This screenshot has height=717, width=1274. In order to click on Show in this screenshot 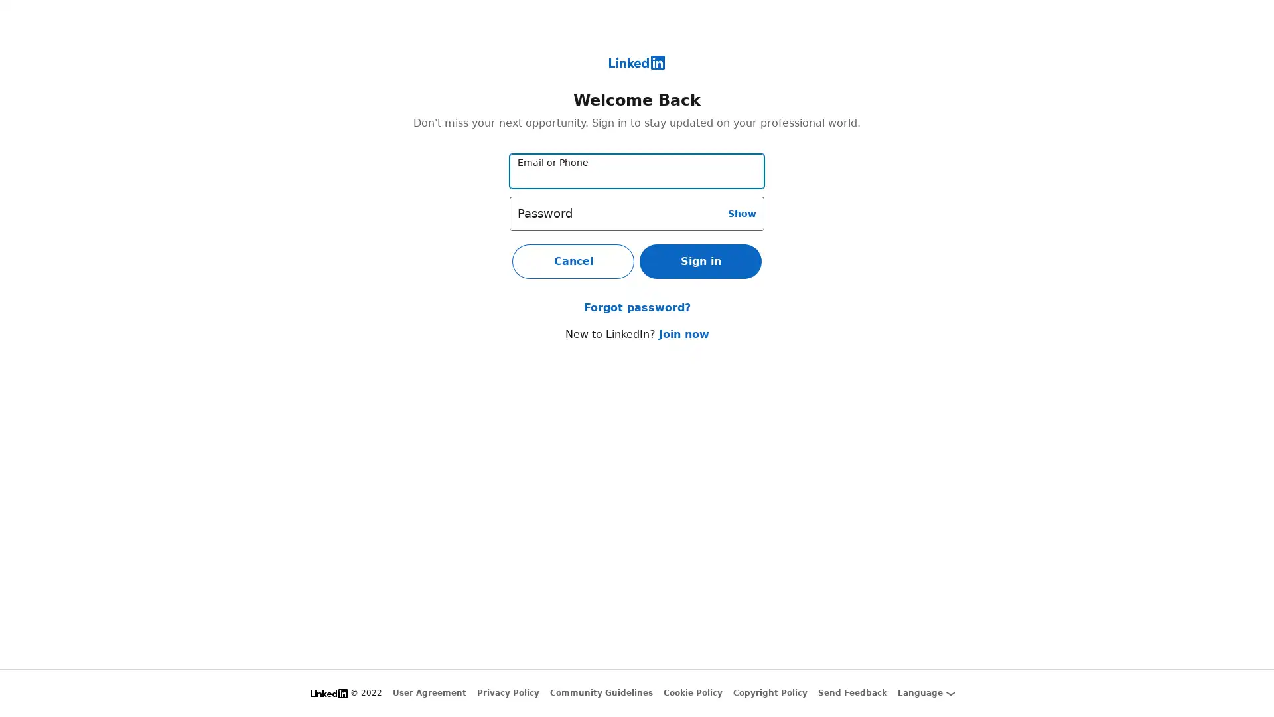, I will do `click(741, 212)`.